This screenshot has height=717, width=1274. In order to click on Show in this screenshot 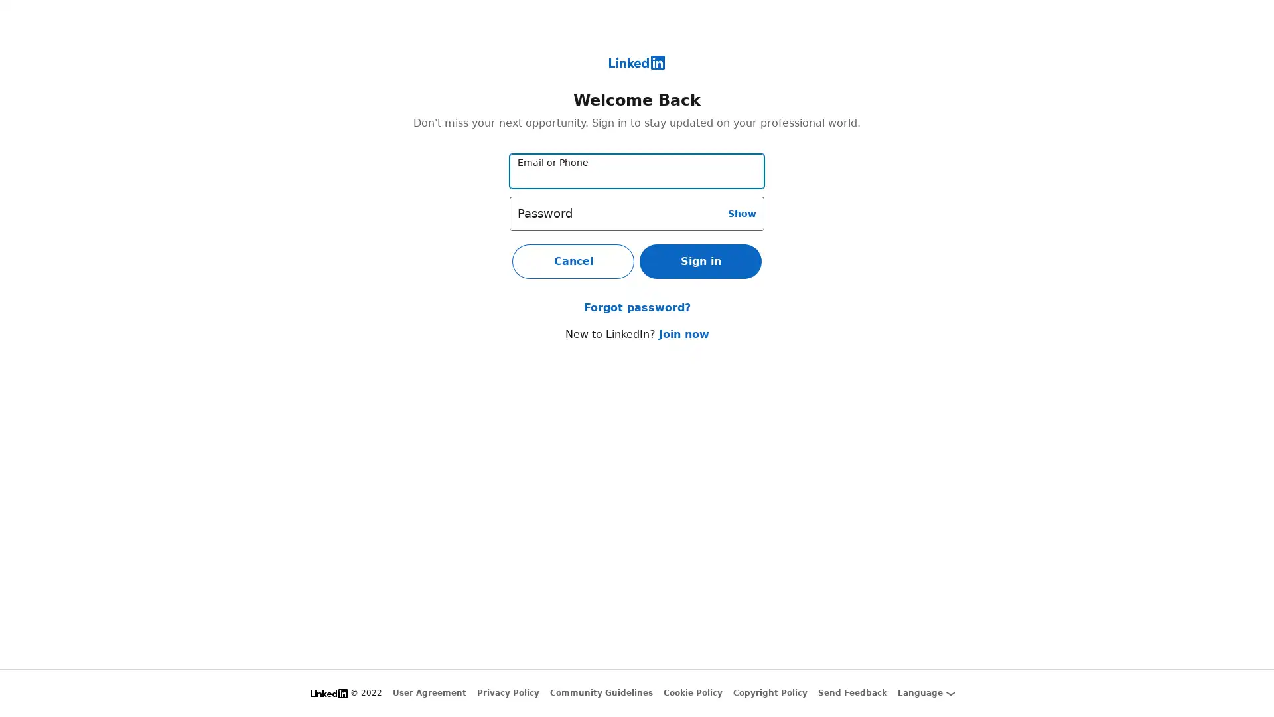, I will do `click(741, 212)`.